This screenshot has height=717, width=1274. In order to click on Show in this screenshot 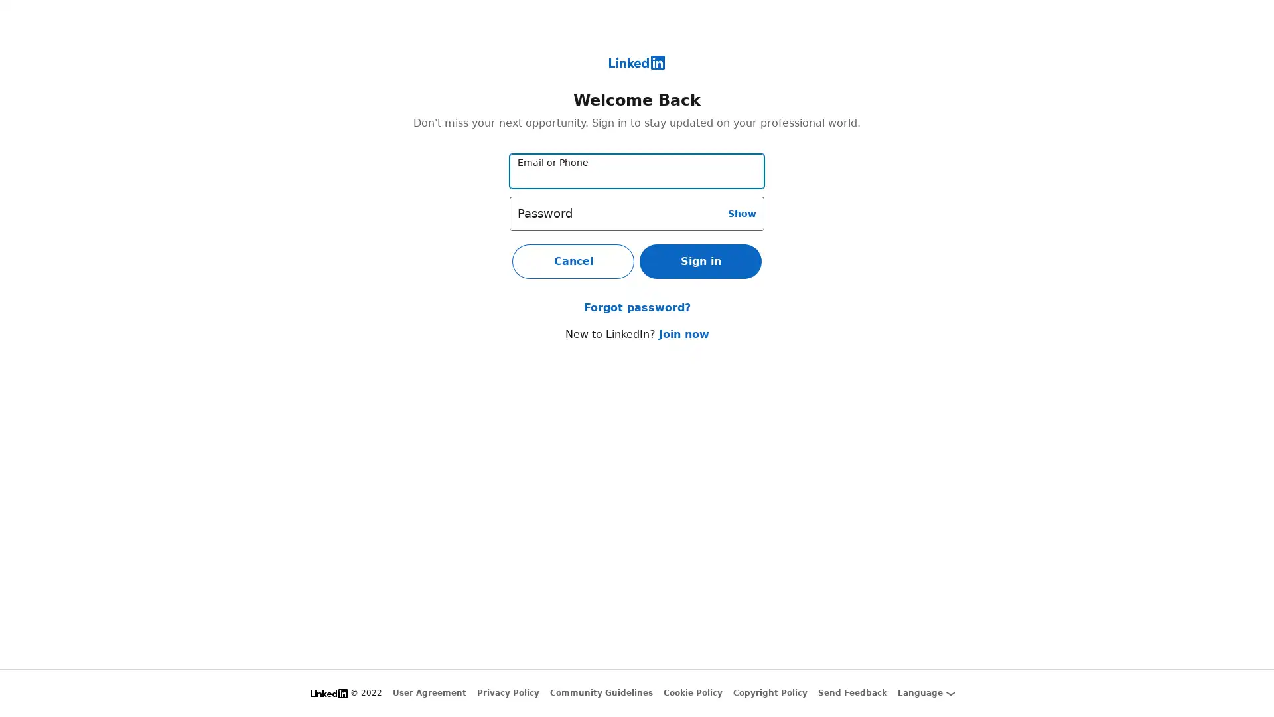, I will do `click(741, 212)`.